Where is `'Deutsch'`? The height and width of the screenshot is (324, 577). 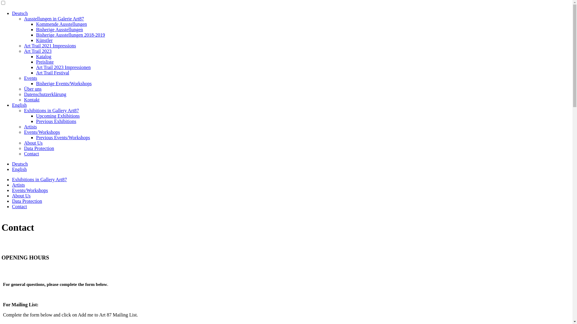 'Deutsch' is located at coordinates (20, 13).